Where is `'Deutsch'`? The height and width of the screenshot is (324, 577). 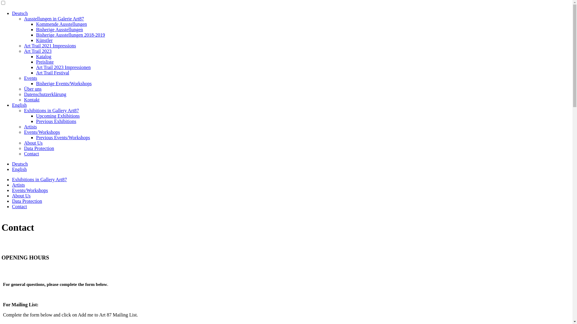 'Deutsch' is located at coordinates (20, 13).